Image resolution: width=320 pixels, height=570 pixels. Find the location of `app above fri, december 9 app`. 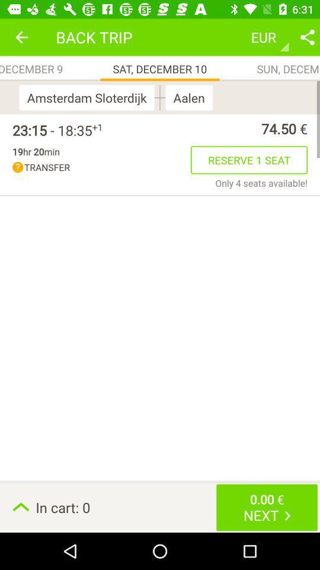

app above fri, december 9 app is located at coordinates (21, 37).